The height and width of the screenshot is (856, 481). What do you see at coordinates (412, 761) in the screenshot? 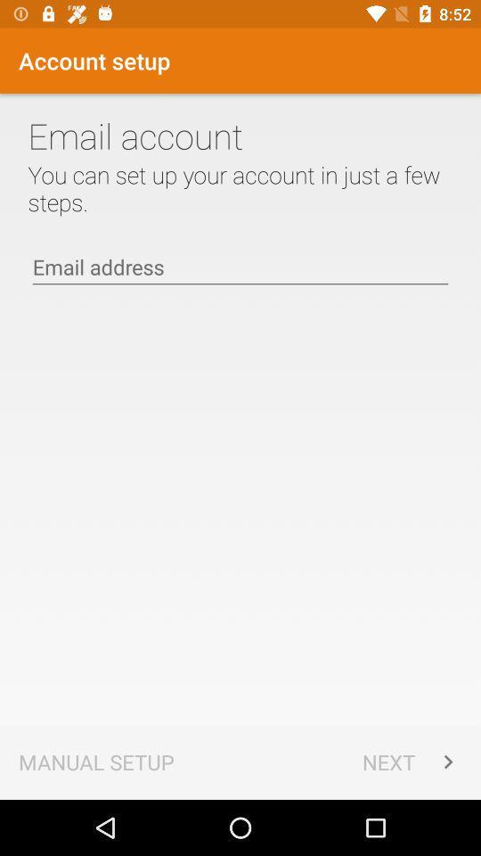
I see `the icon at the bottom right corner` at bounding box center [412, 761].